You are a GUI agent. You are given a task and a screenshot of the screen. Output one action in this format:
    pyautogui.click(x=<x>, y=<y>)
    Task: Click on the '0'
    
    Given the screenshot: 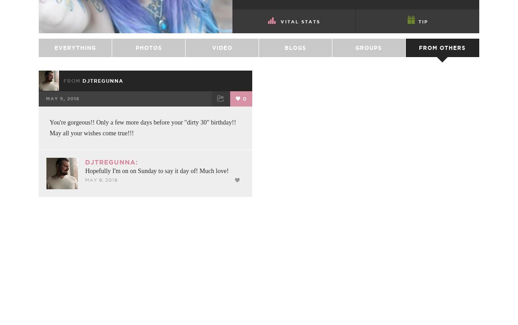 What is the action you would take?
    pyautogui.click(x=244, y=120)
    